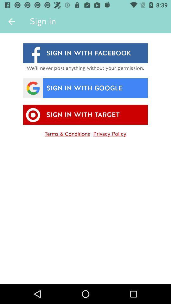  I want to click on icon next to terms & conditions item, so click(109, 132).